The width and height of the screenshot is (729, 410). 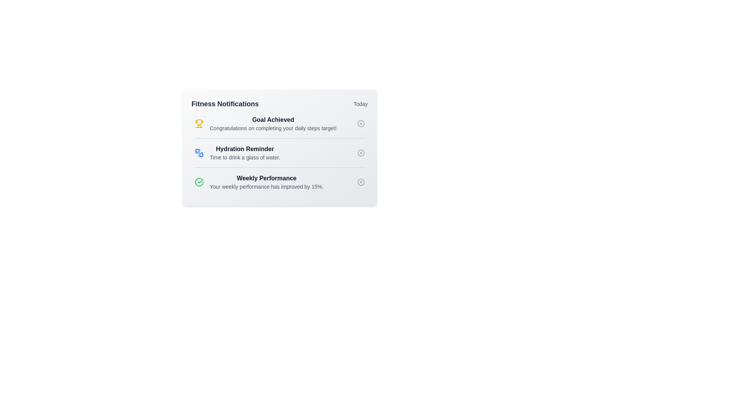 What do you see at coordinates (199, 182) in the screenshot?
I see `the circular green checkmark icon located to the left of the 'Weekly Performance' text in the 'Fitness Notifications' section` at bounding box center [199, 182].